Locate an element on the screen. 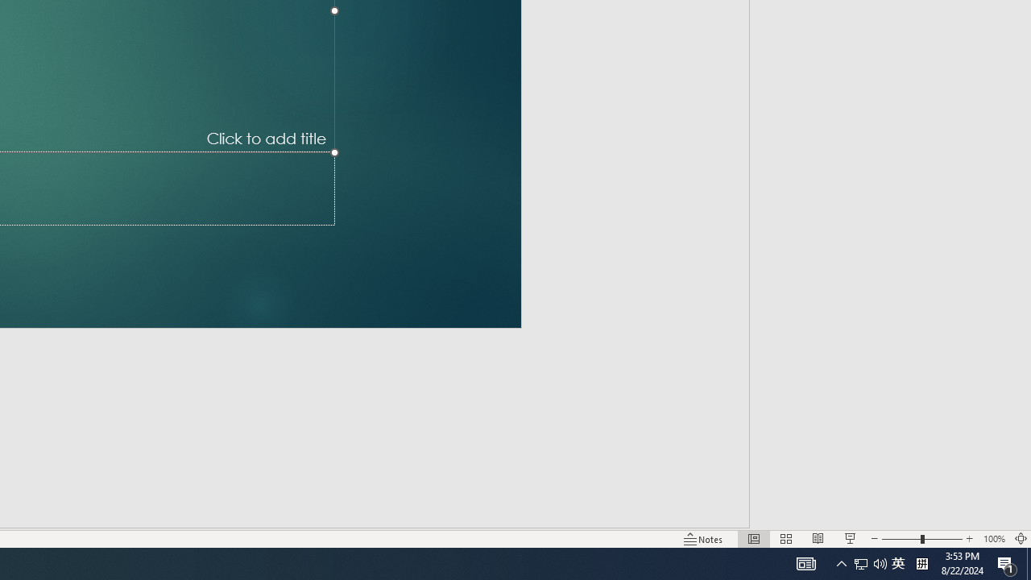 Image resolution: width=1031 pixels, height=580 pixels. 'Zoom In' is located at coordinates (969, 539).